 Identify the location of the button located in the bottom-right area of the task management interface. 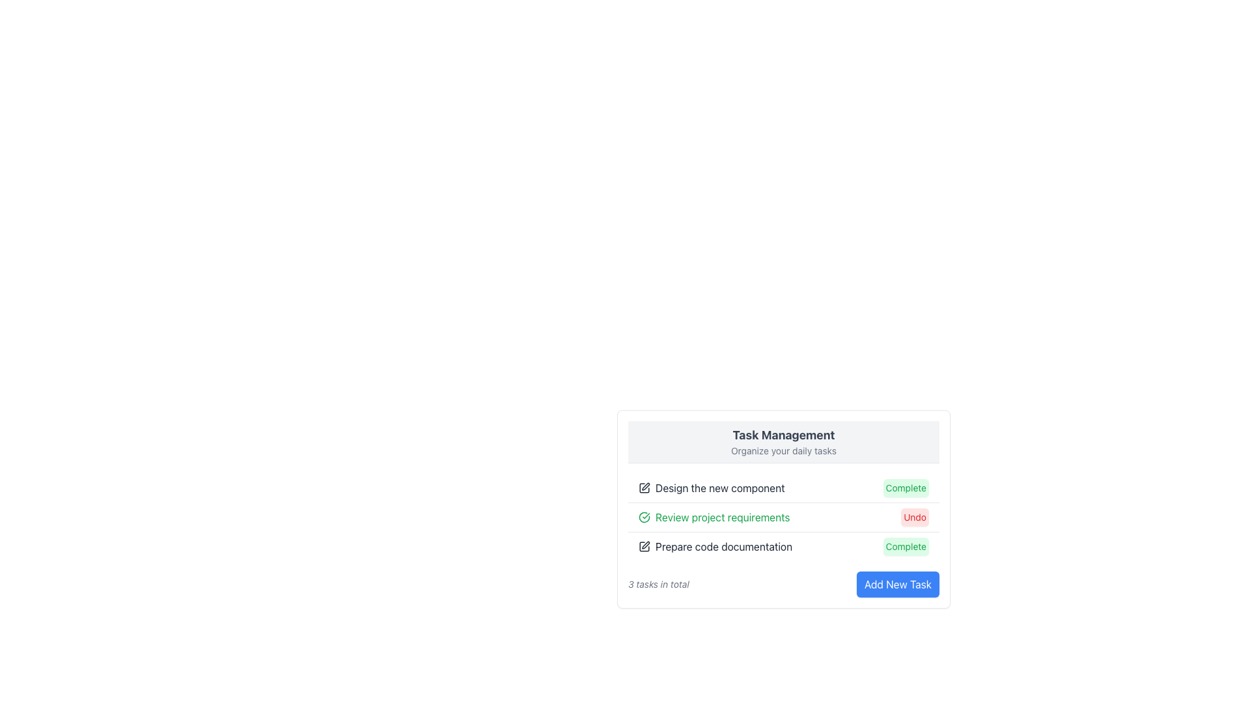
(897, 584).